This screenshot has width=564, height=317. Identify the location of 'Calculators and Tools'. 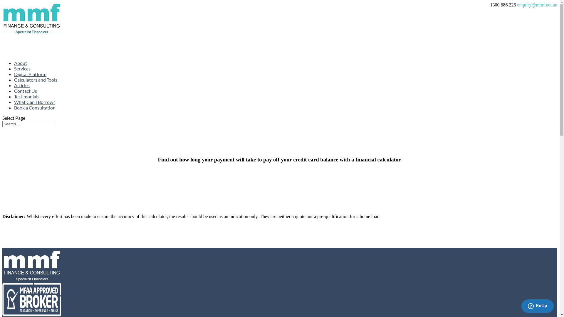
(14, 89).